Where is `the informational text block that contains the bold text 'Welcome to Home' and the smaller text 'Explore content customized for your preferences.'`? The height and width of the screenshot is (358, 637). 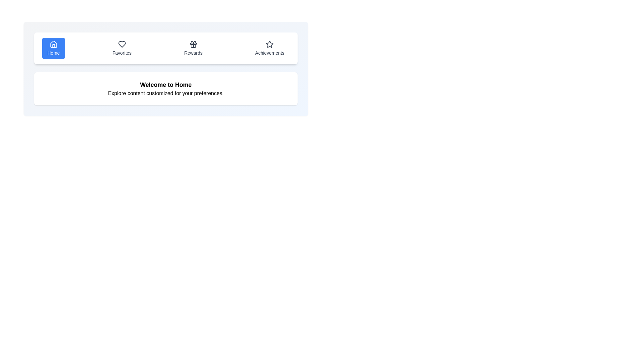
the informational text block that contains the bold text 'Welcome to Home' and the smaller text 'Explore content customized for your preferences.' is located at coordinates (166, 88).